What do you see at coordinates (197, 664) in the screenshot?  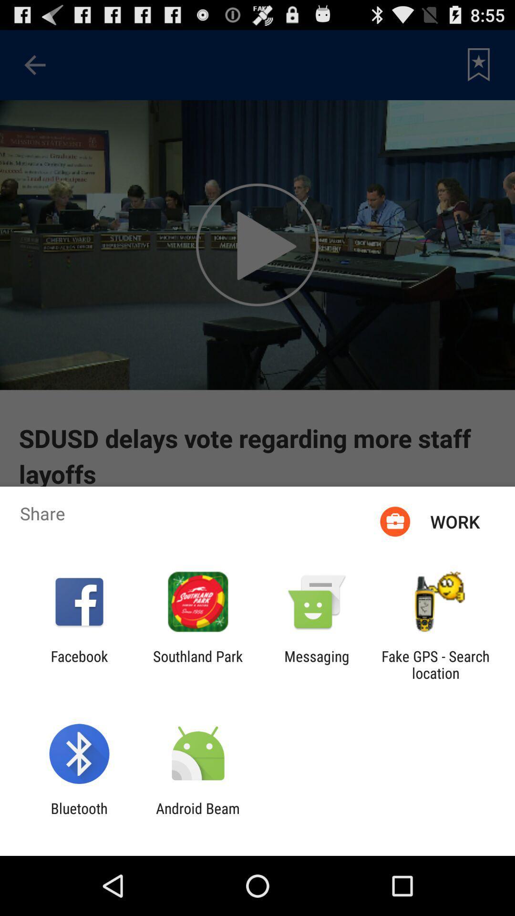 I see `the app to the right of the facebook icon` at bounding box center [197, 664].